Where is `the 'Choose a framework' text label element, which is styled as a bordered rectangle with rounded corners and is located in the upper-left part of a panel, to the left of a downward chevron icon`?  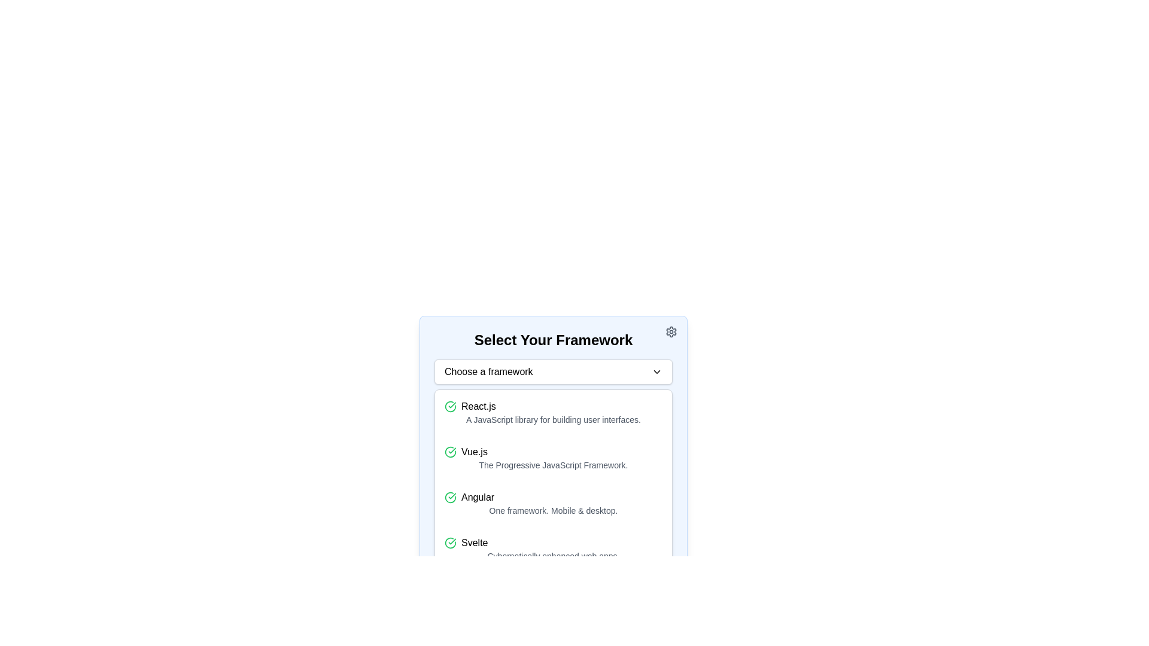
the 'Choose a framework' text label element, which is styled as a bordered rectangle with rounded corners and is located in the upper-left part of a panel, to the left of a downward chevron icon is located at coordinates (488, 371).